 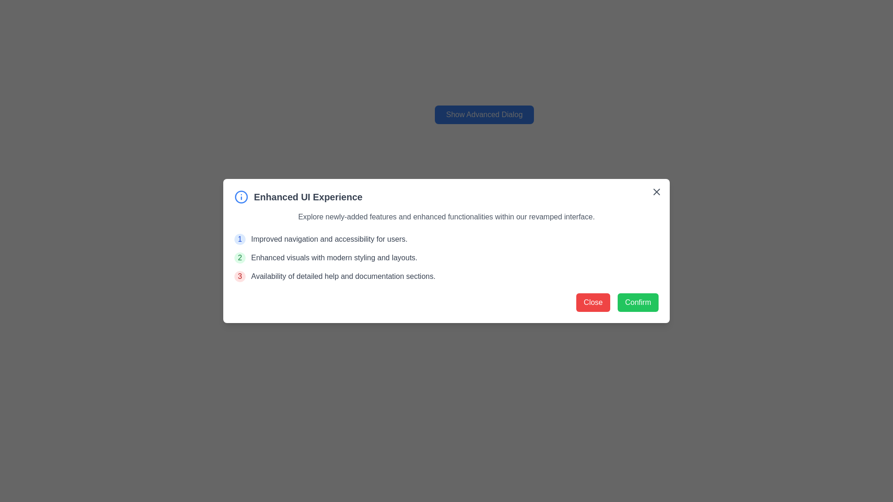 What do you see at coordinates (240, 239) in the screenshot?
I see `the small blue circle indicator with the text symbol '1' that precedes the description 'Improved navigation and accessibility for users.'` at bounding box center [240, 239].